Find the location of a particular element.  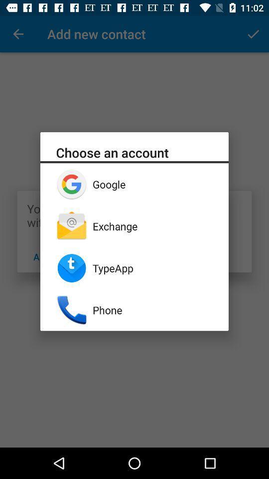

the exchange icon is located at coordinates (152, 226).